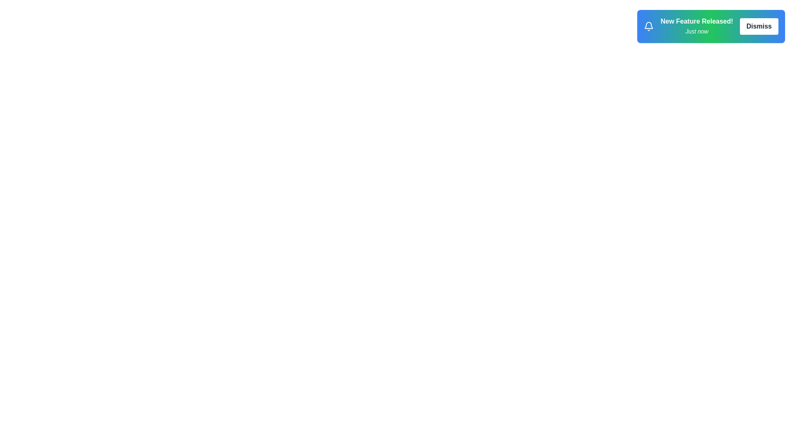 Image resolution: width=795 pixels, height=447 pixels. What do you see at coordinates (711, 26) in the screenshot?
I see `the notification area to inspect its details` at bounding box center [711, 26].